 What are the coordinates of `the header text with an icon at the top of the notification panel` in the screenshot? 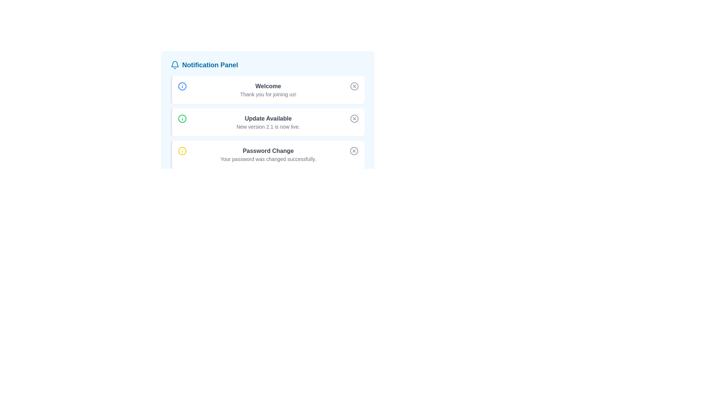 It's located at (267, 65).